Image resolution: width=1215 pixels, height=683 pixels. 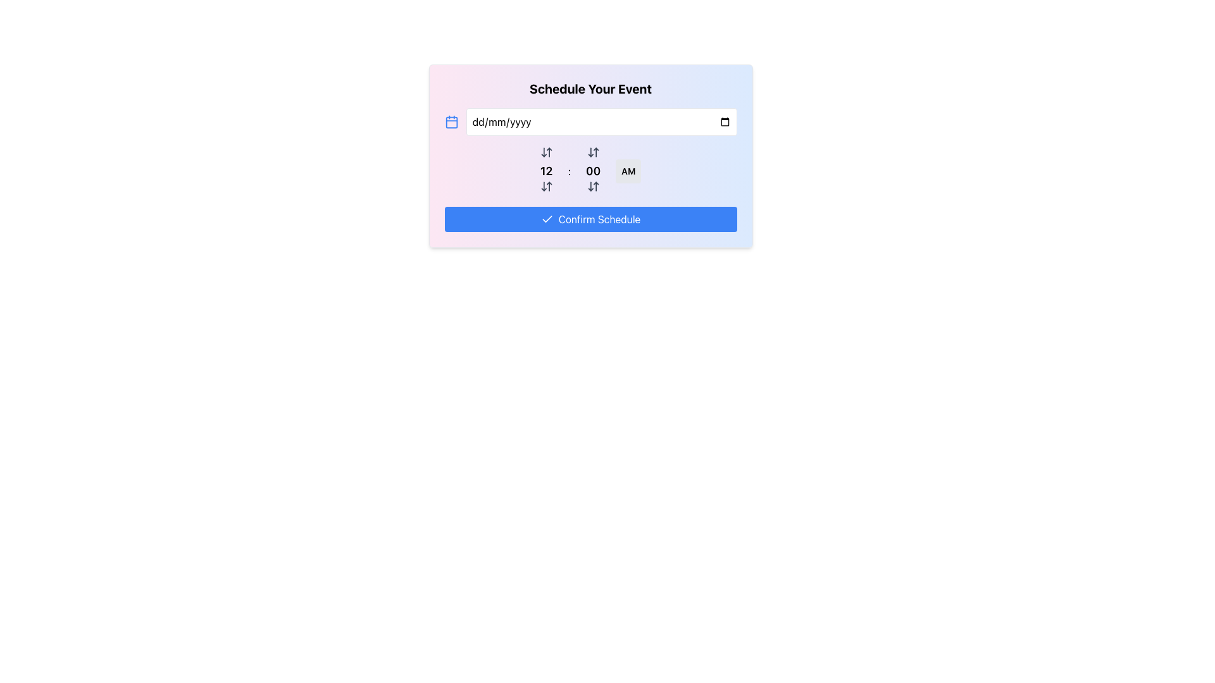 I want to click on displayed value from the minute component in the time picker, located to the right of the hour display and to the left of the AM/PM selection button, so click(x=592, y=171).